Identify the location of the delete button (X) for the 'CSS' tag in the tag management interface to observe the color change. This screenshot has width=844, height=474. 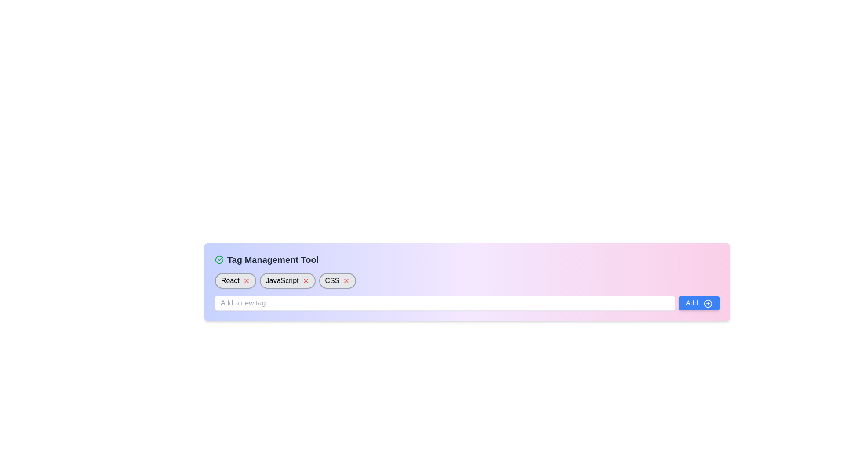
(346, 281).